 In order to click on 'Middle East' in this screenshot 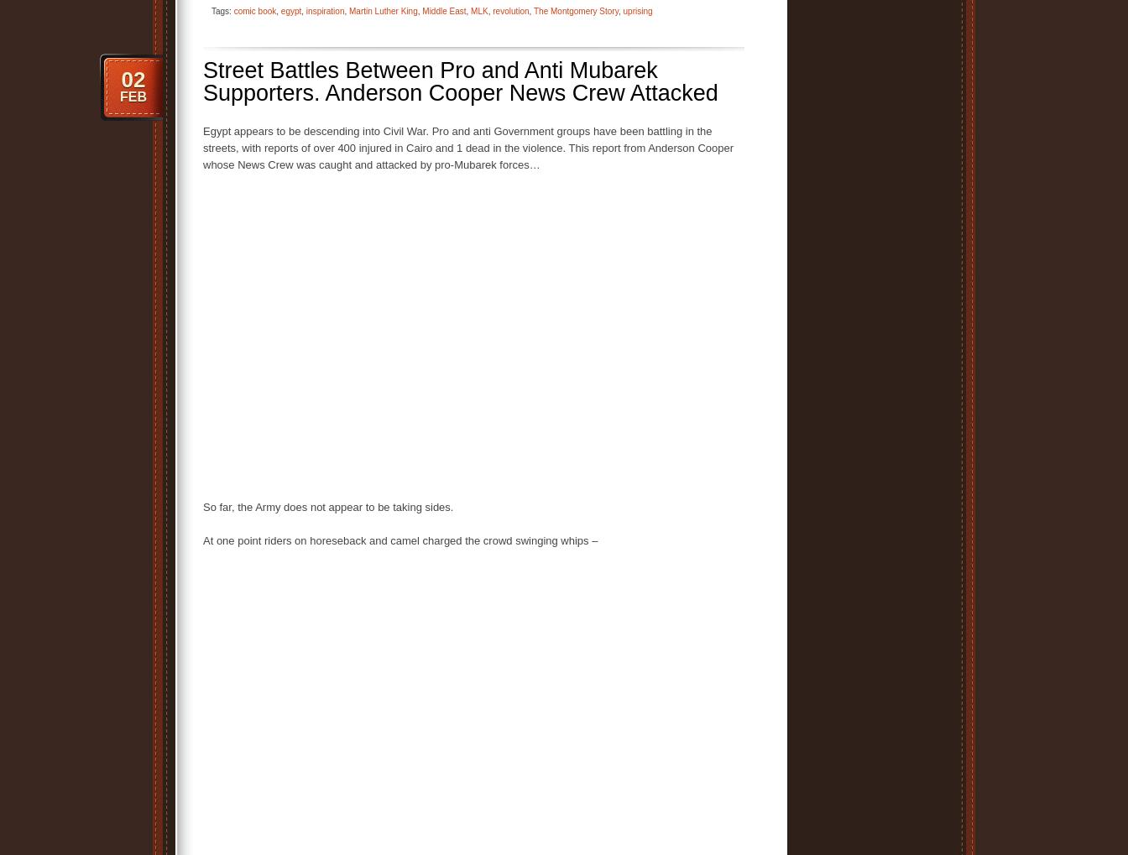, I will do `click(443, 9)`.